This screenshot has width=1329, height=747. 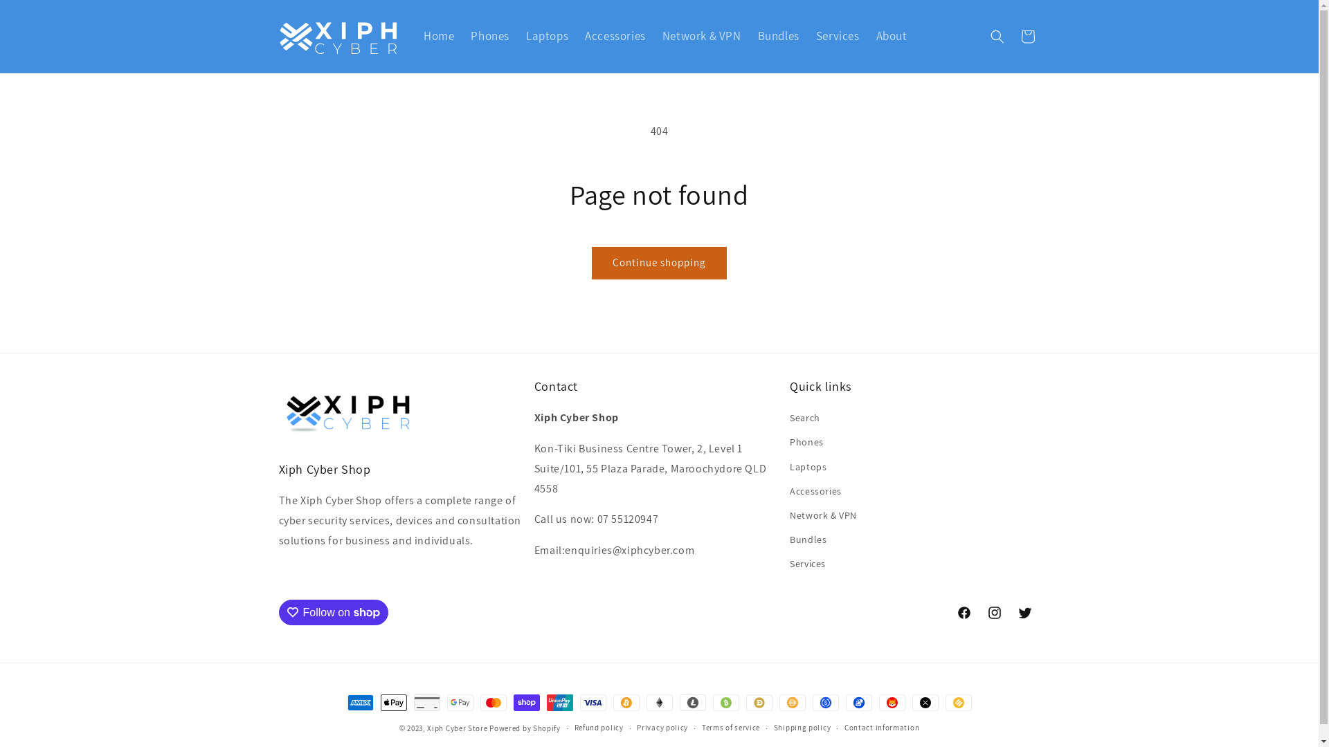 I want to click on 'Phones', so click(x=490, y=35).